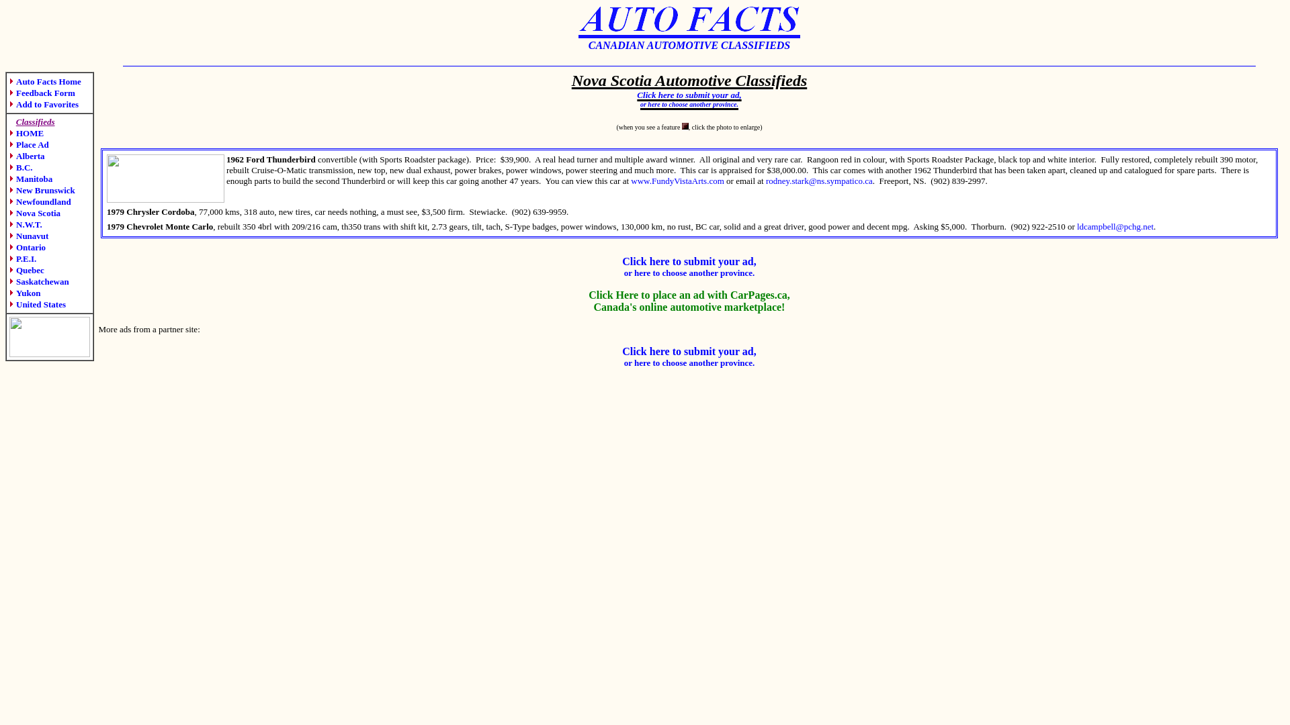 This screenshot has width=1290, height=725. I want to click on 'Yukon', so click(25, 292).